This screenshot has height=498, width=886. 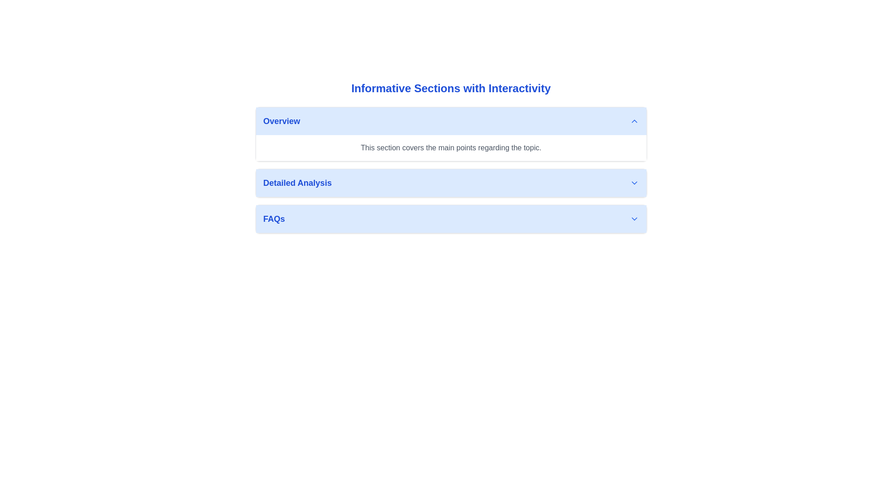 What do you see at coordinates (634, 120) in the screenshot?
I see `the upward-facing chevron icon button located on the right side of the 'Overview' section's header bar` at bounding box center [634, 120].